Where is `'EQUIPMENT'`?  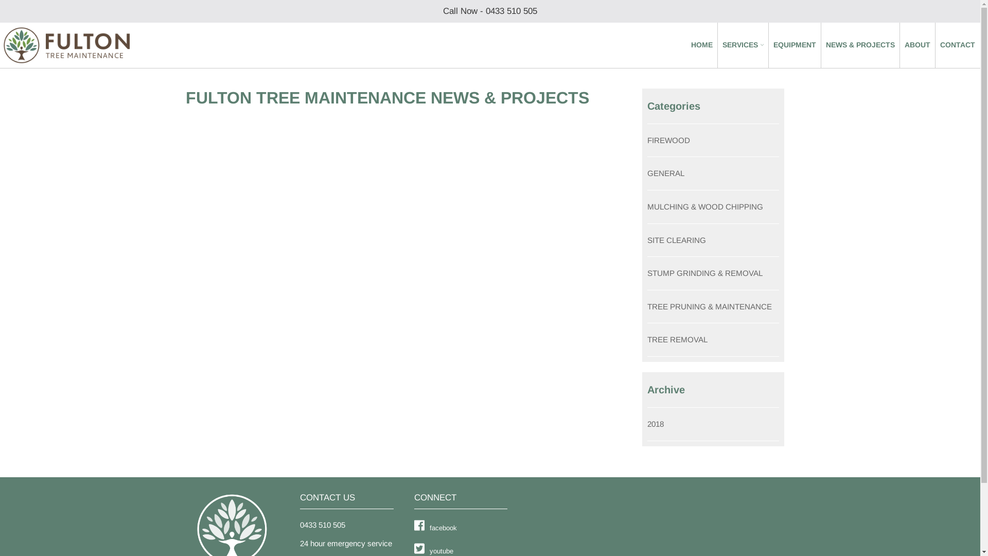
'EQUIPMENT' is located at coordinates (794, 45).